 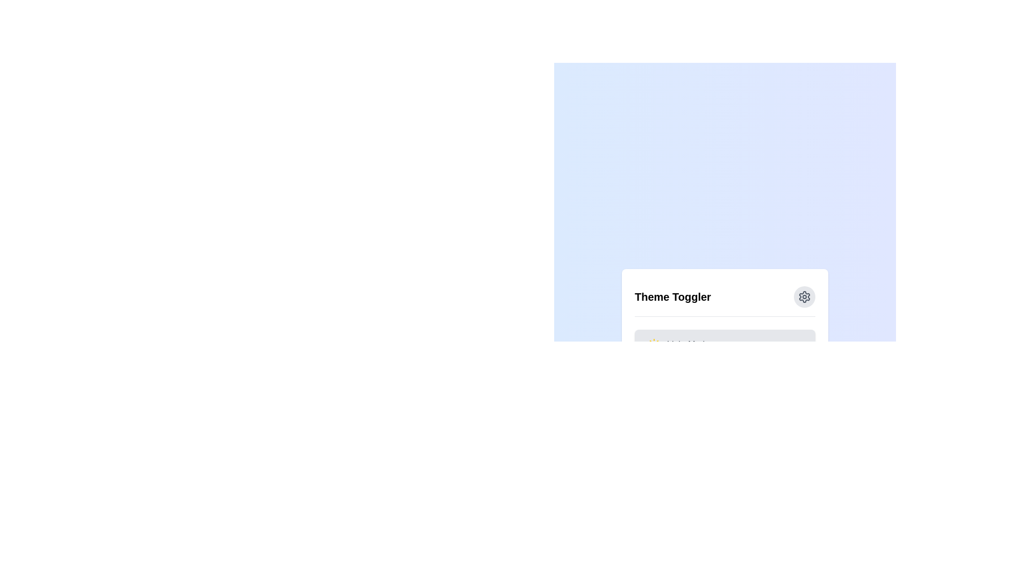 What do you see at coordinates (678, 344) in the screenshot?
I see `the theme card for Light mode` at bounding box center [678, 344].